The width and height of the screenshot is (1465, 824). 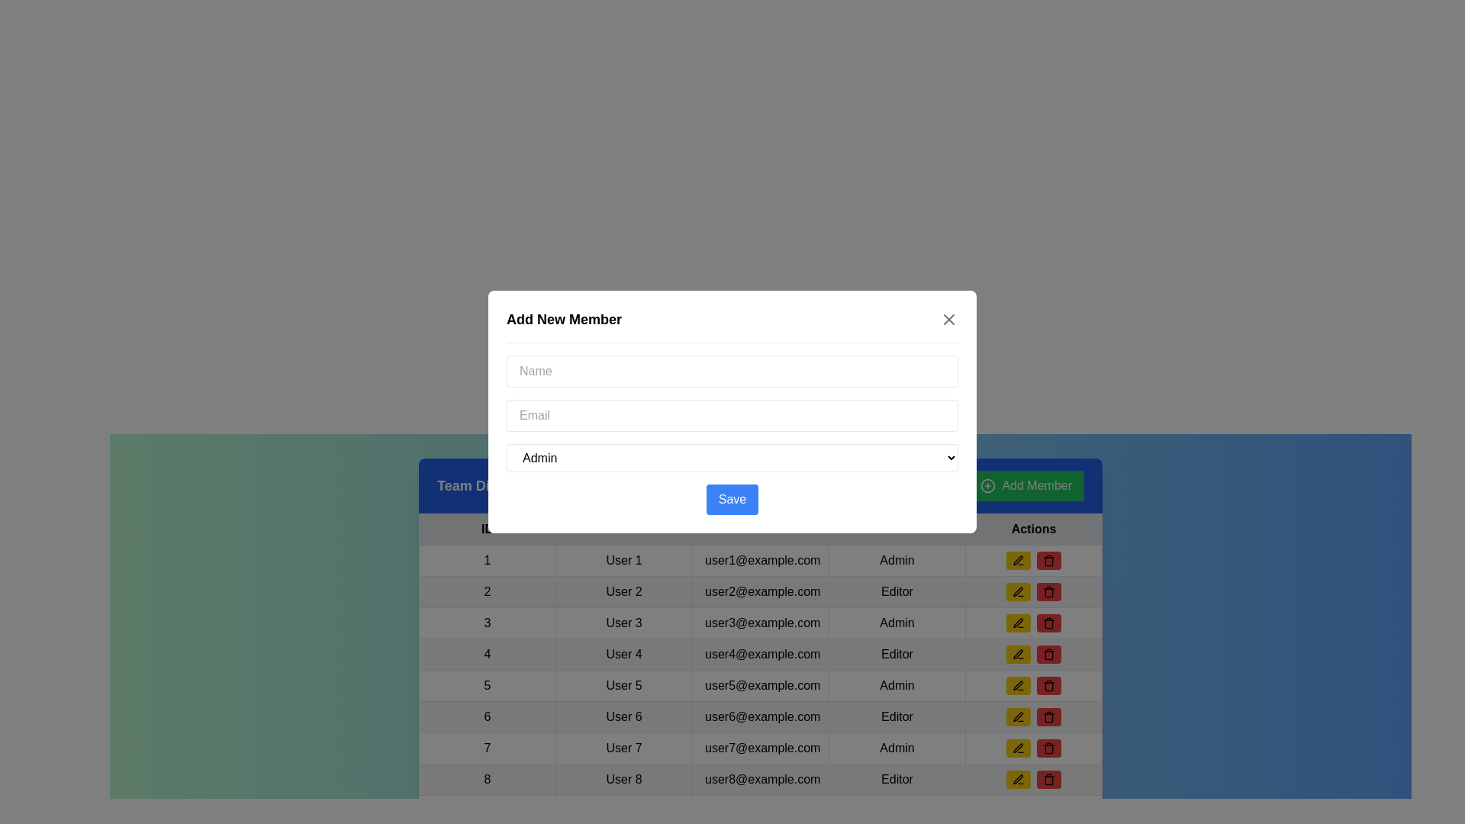 What do you see at coordinates (897, 717) in the screenshot?
I see `the static text element indicating the role 'Editor' in the Role column of the sixth row in the table, located between the Email column and the Actions column` at bounding box center [897, 717].